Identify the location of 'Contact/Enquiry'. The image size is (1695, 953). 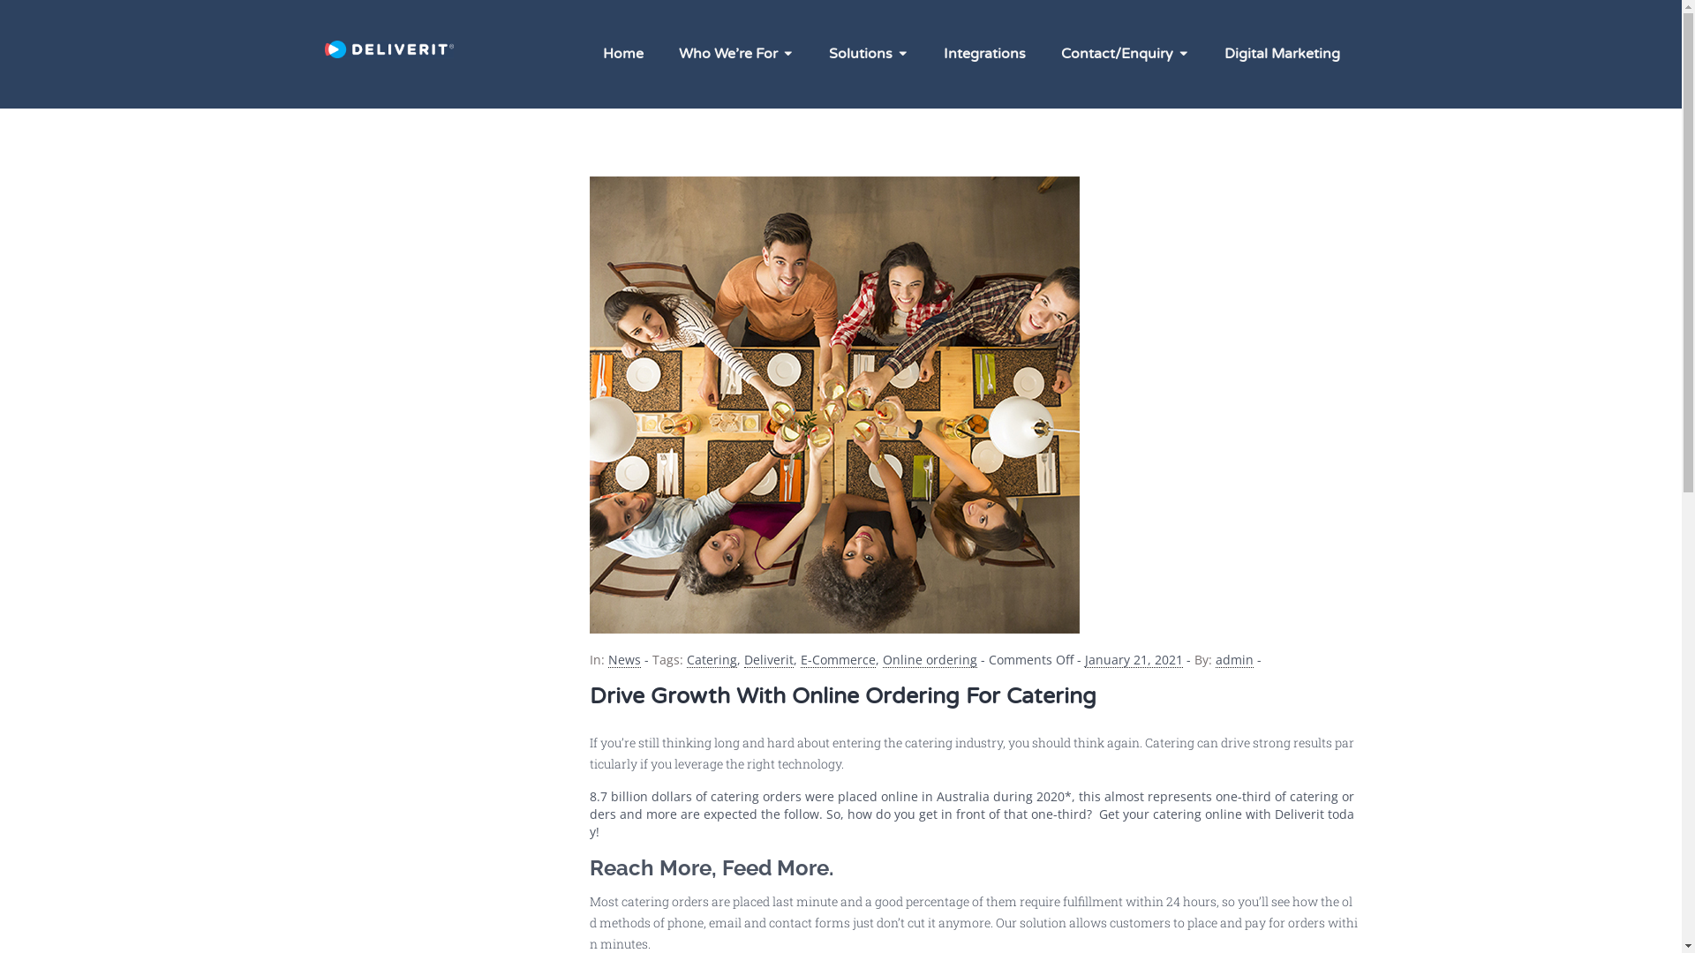
(1124, 53).